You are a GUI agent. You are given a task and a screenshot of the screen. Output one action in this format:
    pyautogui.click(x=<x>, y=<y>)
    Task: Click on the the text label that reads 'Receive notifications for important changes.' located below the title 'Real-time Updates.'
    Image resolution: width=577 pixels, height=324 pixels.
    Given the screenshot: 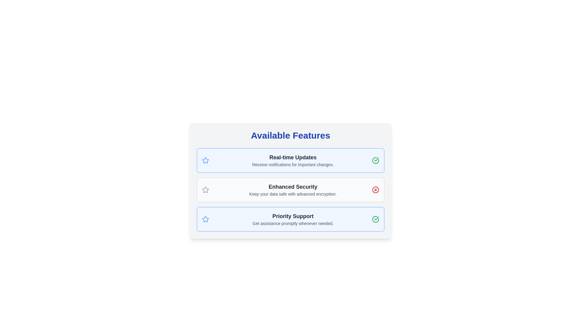 What is the action you would take?
    pyautogui.click(x=293, y=164)
    